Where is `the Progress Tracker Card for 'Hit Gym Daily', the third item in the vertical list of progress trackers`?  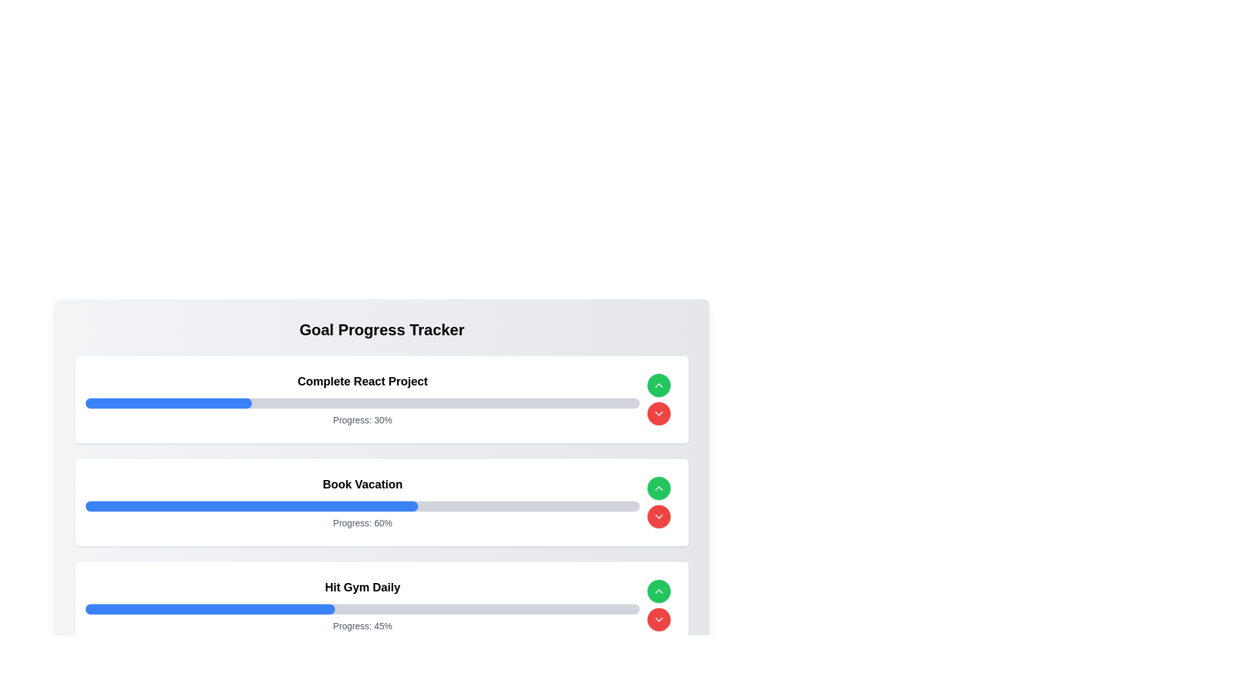 the Progress Tracker Card for 'Hit Gym Daily', the third item in the vertical list of progress trackers is located at coordinates (361, 606).